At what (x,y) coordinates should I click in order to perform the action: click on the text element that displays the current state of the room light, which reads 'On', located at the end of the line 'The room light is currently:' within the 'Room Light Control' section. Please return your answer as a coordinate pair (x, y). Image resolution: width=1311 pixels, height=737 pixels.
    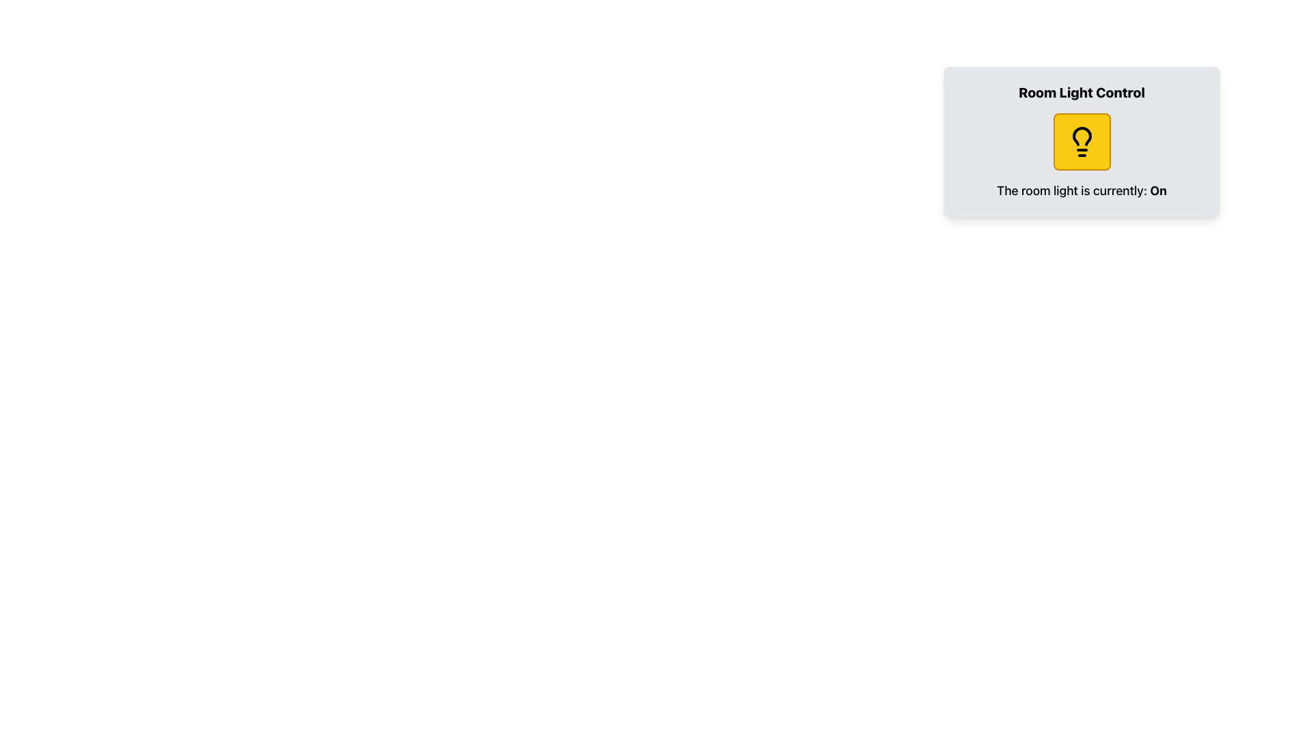
    Looking at the image, I should click on (1157, 190).